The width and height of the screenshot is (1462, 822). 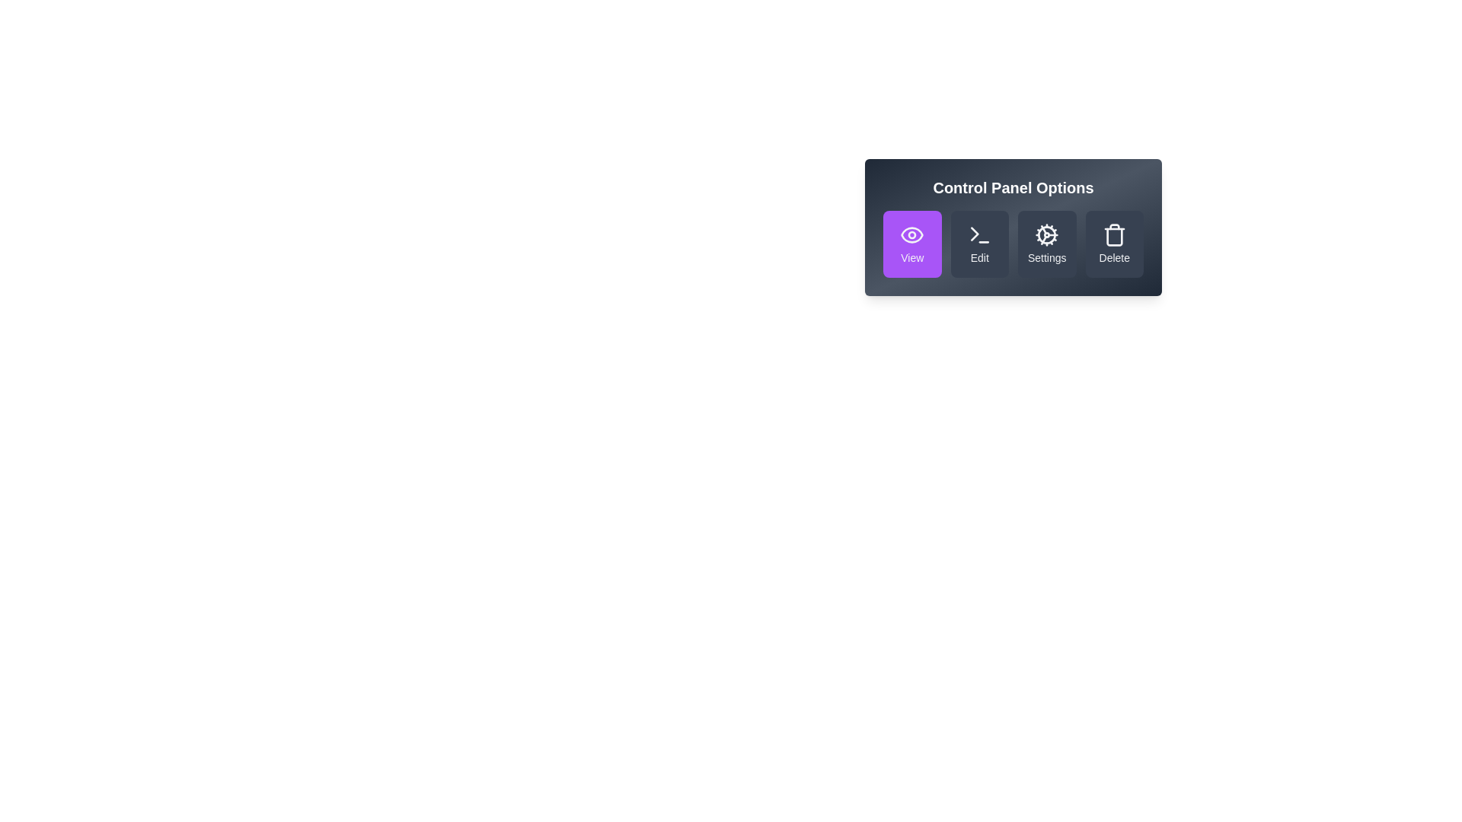 I want to click on the delete icon located at the far right of the control panel, directly below the text 'Delete', which is the fourth option from the left, so click(x=1114, y=237).